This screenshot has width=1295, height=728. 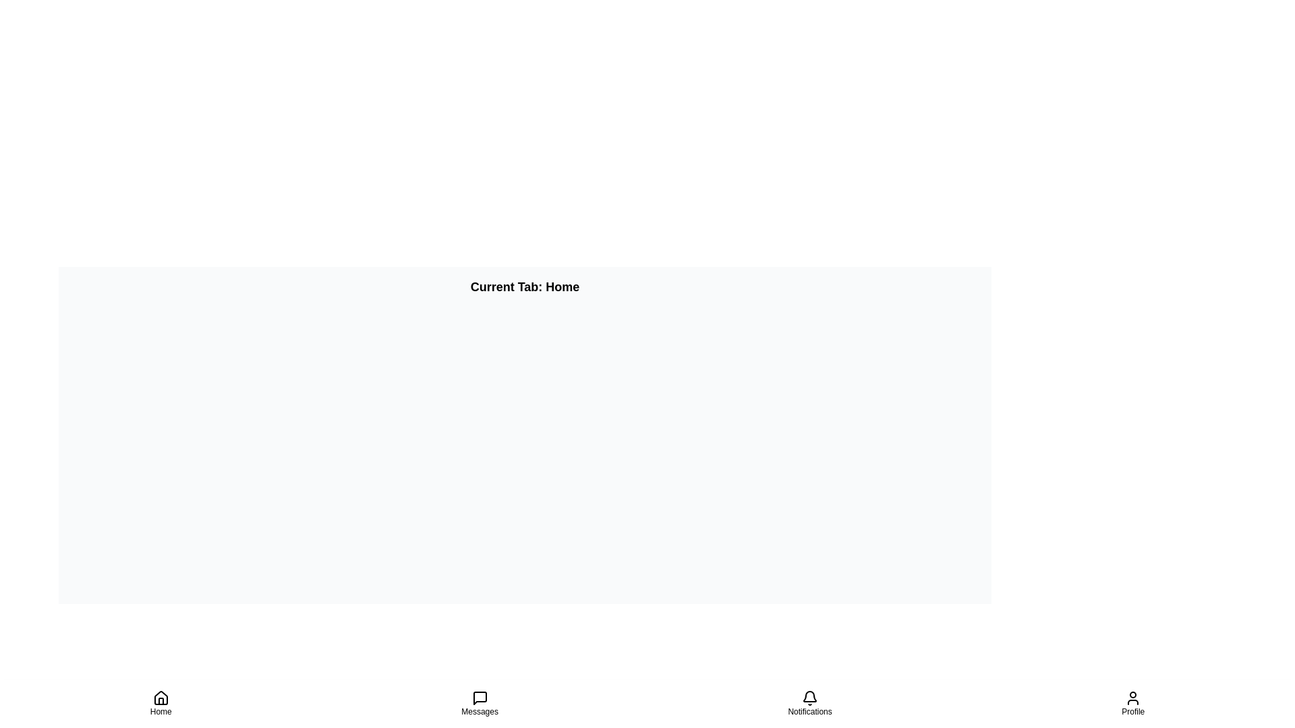 I want to click on the text label that identifies the notification section located at the bottom center of the interface, beneath the notification bell icon, so click(x=809, y=711).